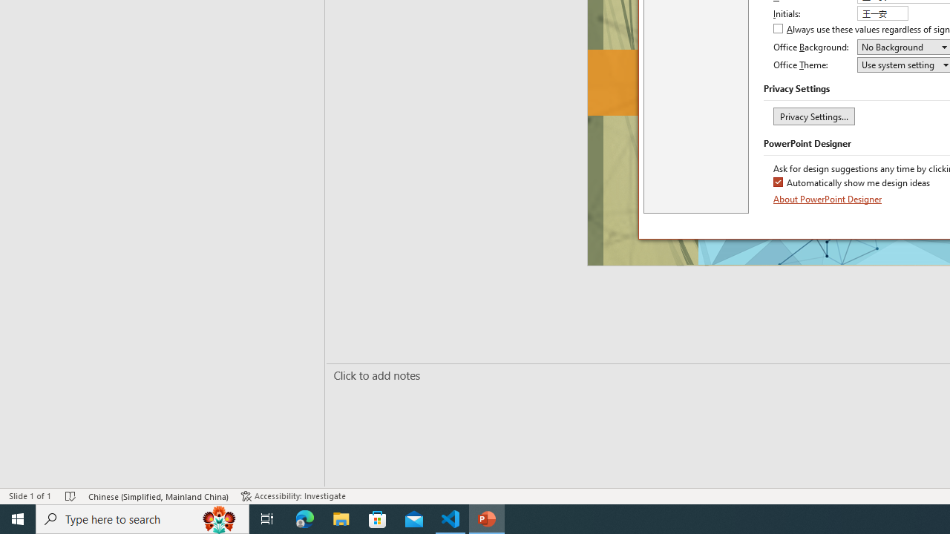 The height and width of the screenshot is (534, 950). What do you see at coordinates (218, 518) in the screenshot?
I see `'Search highlights icon opens search home window'` at bounding box center [218, 518].